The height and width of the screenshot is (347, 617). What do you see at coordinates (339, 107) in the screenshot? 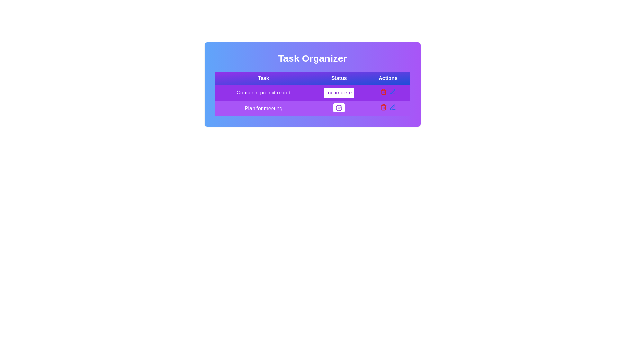
I see `the checkmark icon within the purple-filled button in the second row under the 'Status' column to mark the task 'Plan for meeting' as complete or confirmed` at bounding box center [339, 107].